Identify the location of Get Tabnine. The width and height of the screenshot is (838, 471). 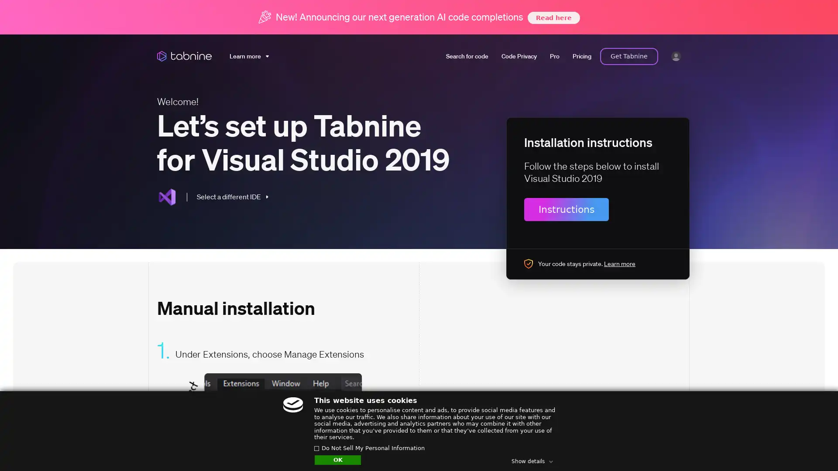
(629, 56).